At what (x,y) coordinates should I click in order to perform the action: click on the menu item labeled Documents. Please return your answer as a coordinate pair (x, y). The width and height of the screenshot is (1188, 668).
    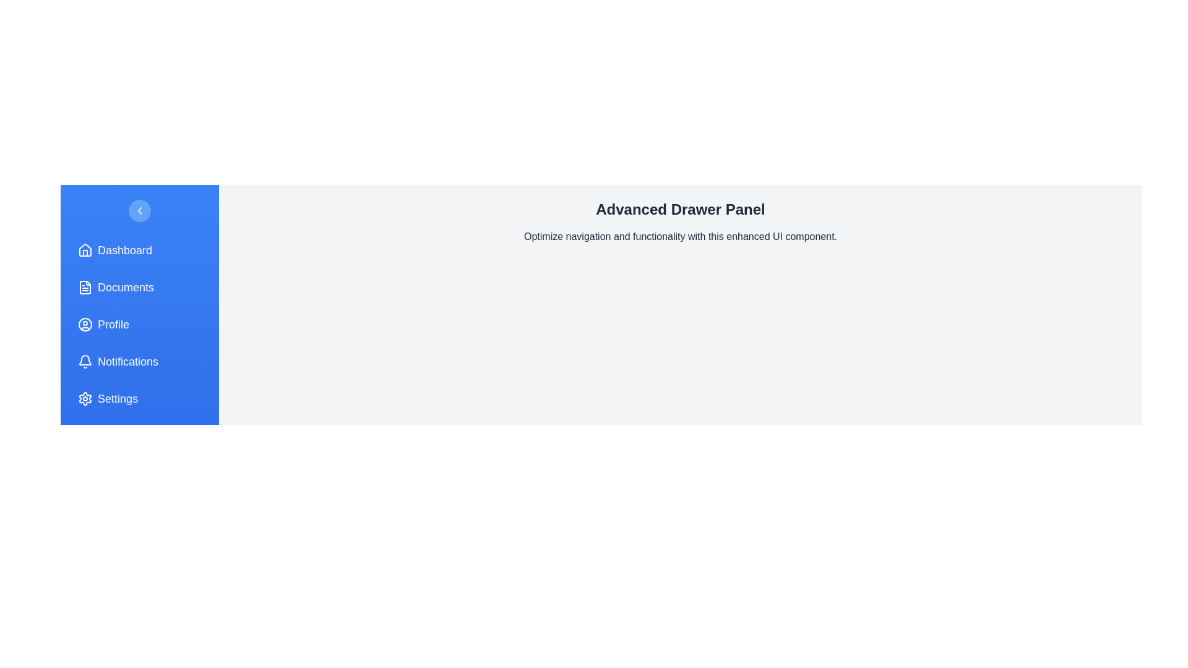
    Looking at the image, I should click on (139, 288).